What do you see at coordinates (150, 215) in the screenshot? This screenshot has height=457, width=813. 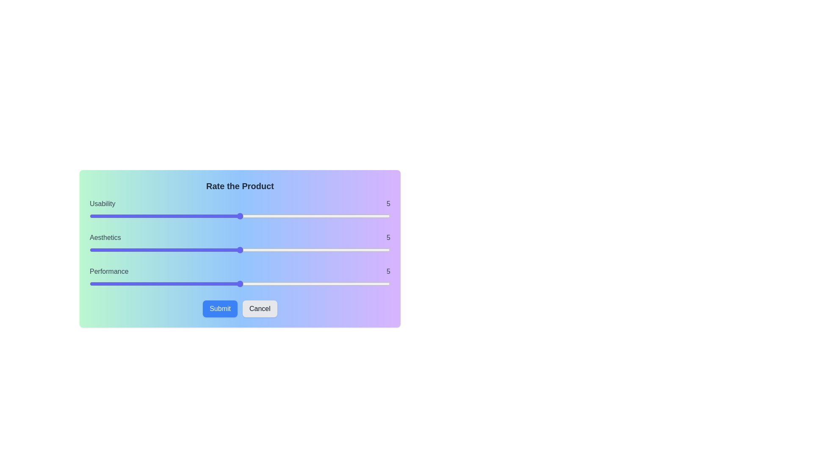 I see `the slider to set the usability rating to 2` at bounding box center [150, 215].